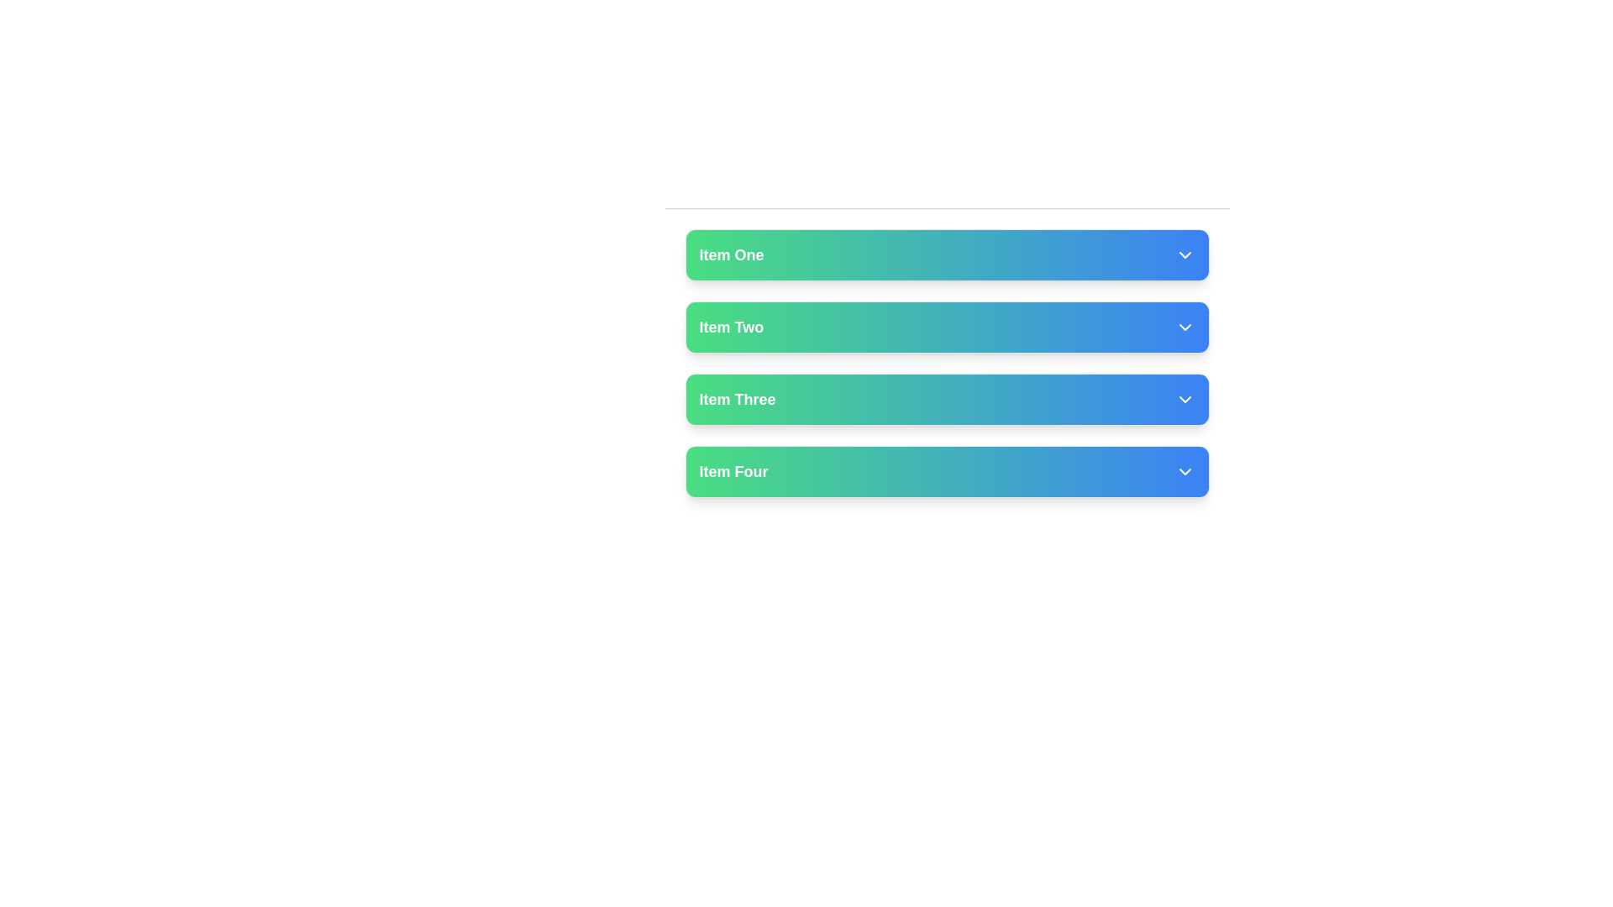 This screenshot has width=1613, height=907. What do you see at coordinates (1184, 472) in the screenshot?
I see `the Dropdown Indicator Icon located on the right end of the 'Item Four' gradient blue button` at bounding box center [1184, 472].